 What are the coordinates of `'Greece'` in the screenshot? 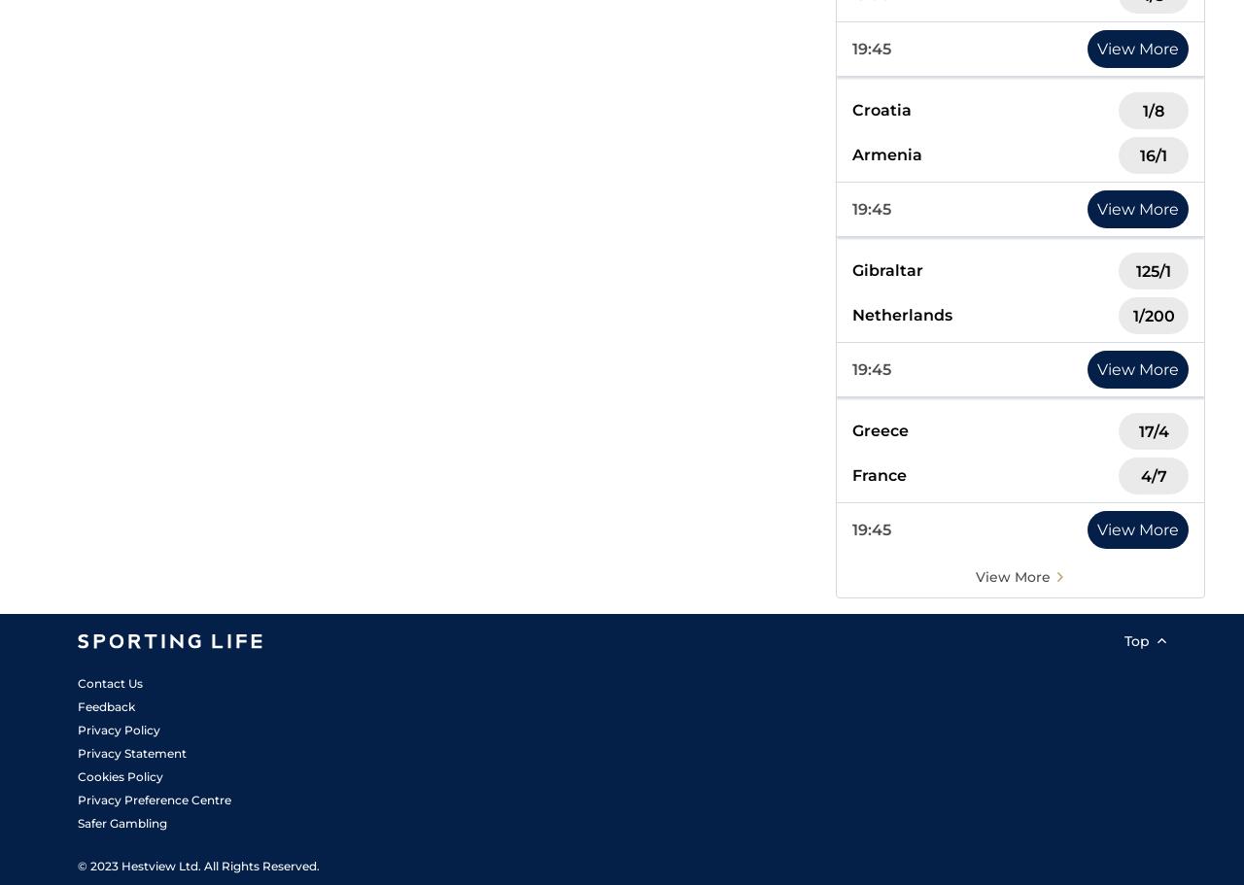 It's located at (852, 430).